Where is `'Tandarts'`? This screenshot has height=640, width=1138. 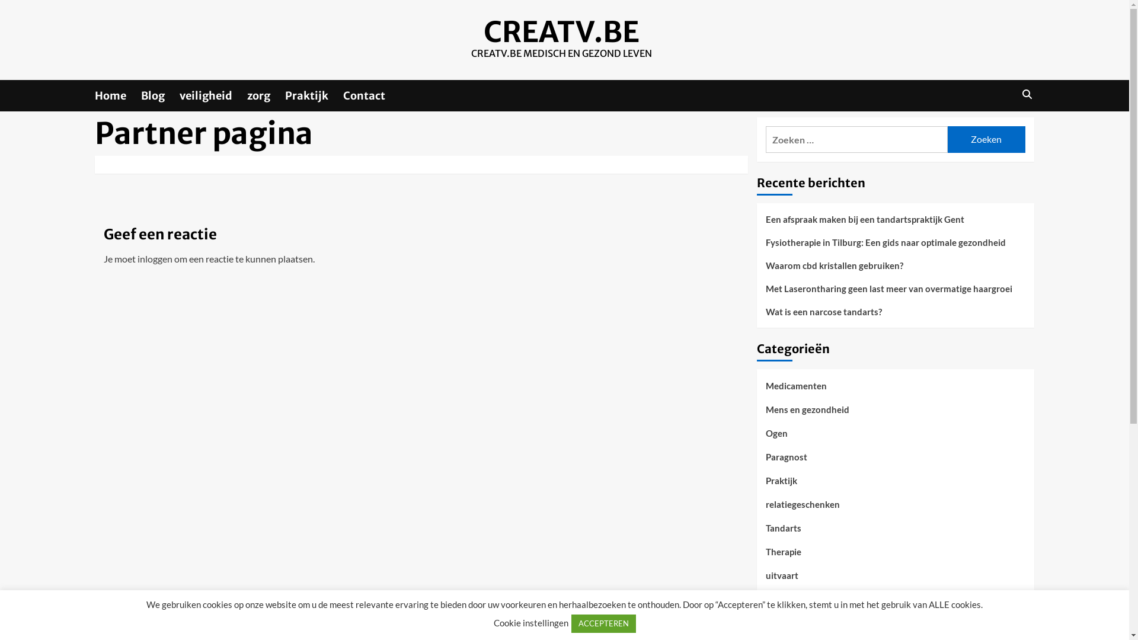 'Tandarts' is located at coordinates (765, 532).